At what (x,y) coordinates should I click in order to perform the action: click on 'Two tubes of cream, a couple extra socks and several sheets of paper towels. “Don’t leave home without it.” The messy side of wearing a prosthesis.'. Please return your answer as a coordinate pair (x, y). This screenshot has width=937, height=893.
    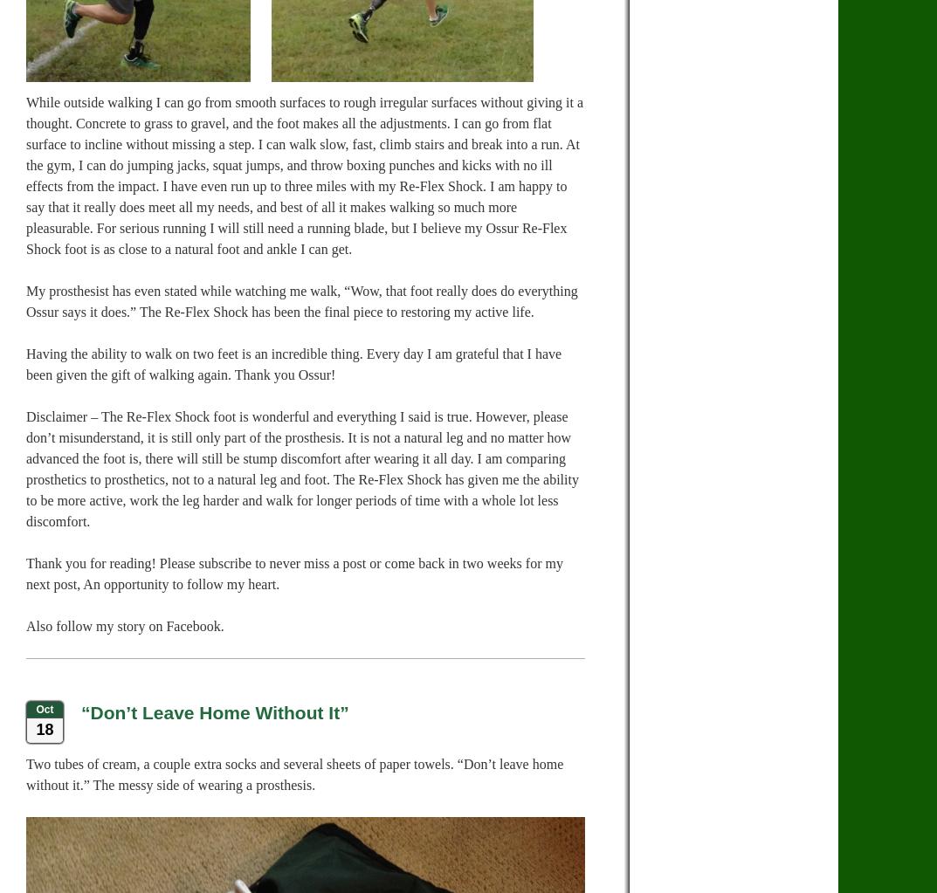
    Looking at the image, I should click on (294, 774).